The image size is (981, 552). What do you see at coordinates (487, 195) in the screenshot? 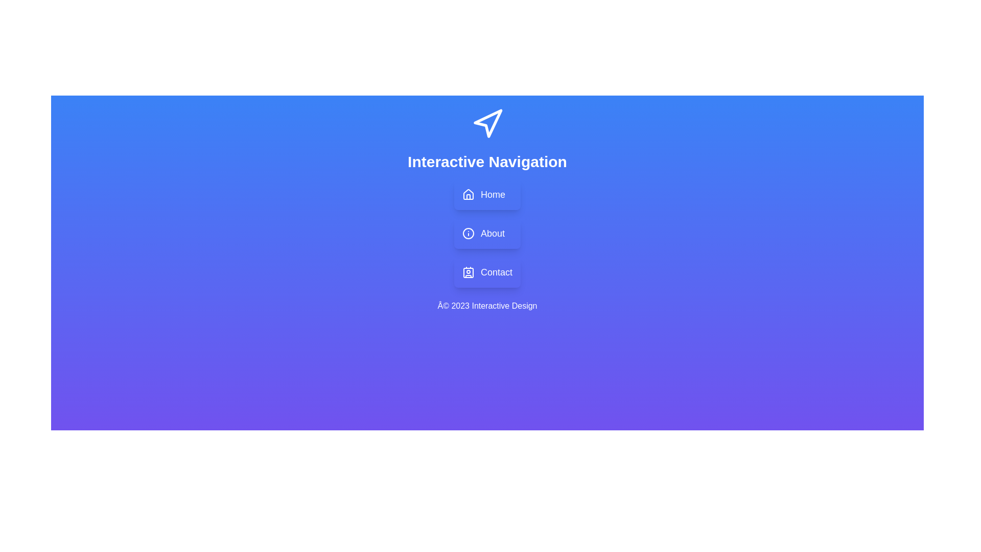
I see `the navigation button located beneath the 'Interactive Navigation' header` at bounding box center [487, 195].